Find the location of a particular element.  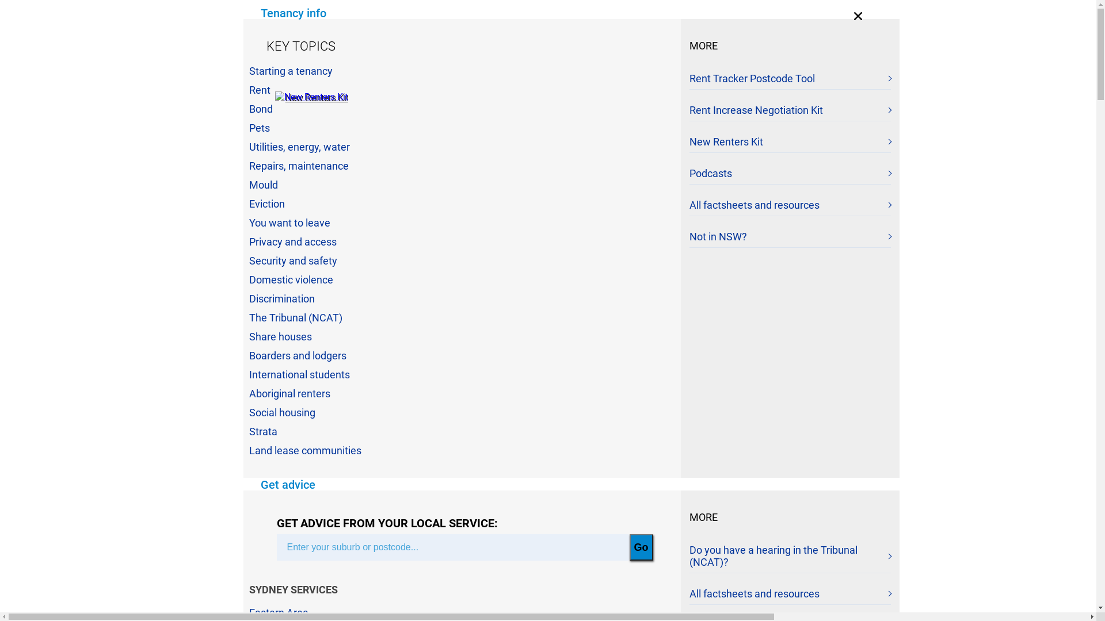

'Share houses' is located at coordinates (280, 336).